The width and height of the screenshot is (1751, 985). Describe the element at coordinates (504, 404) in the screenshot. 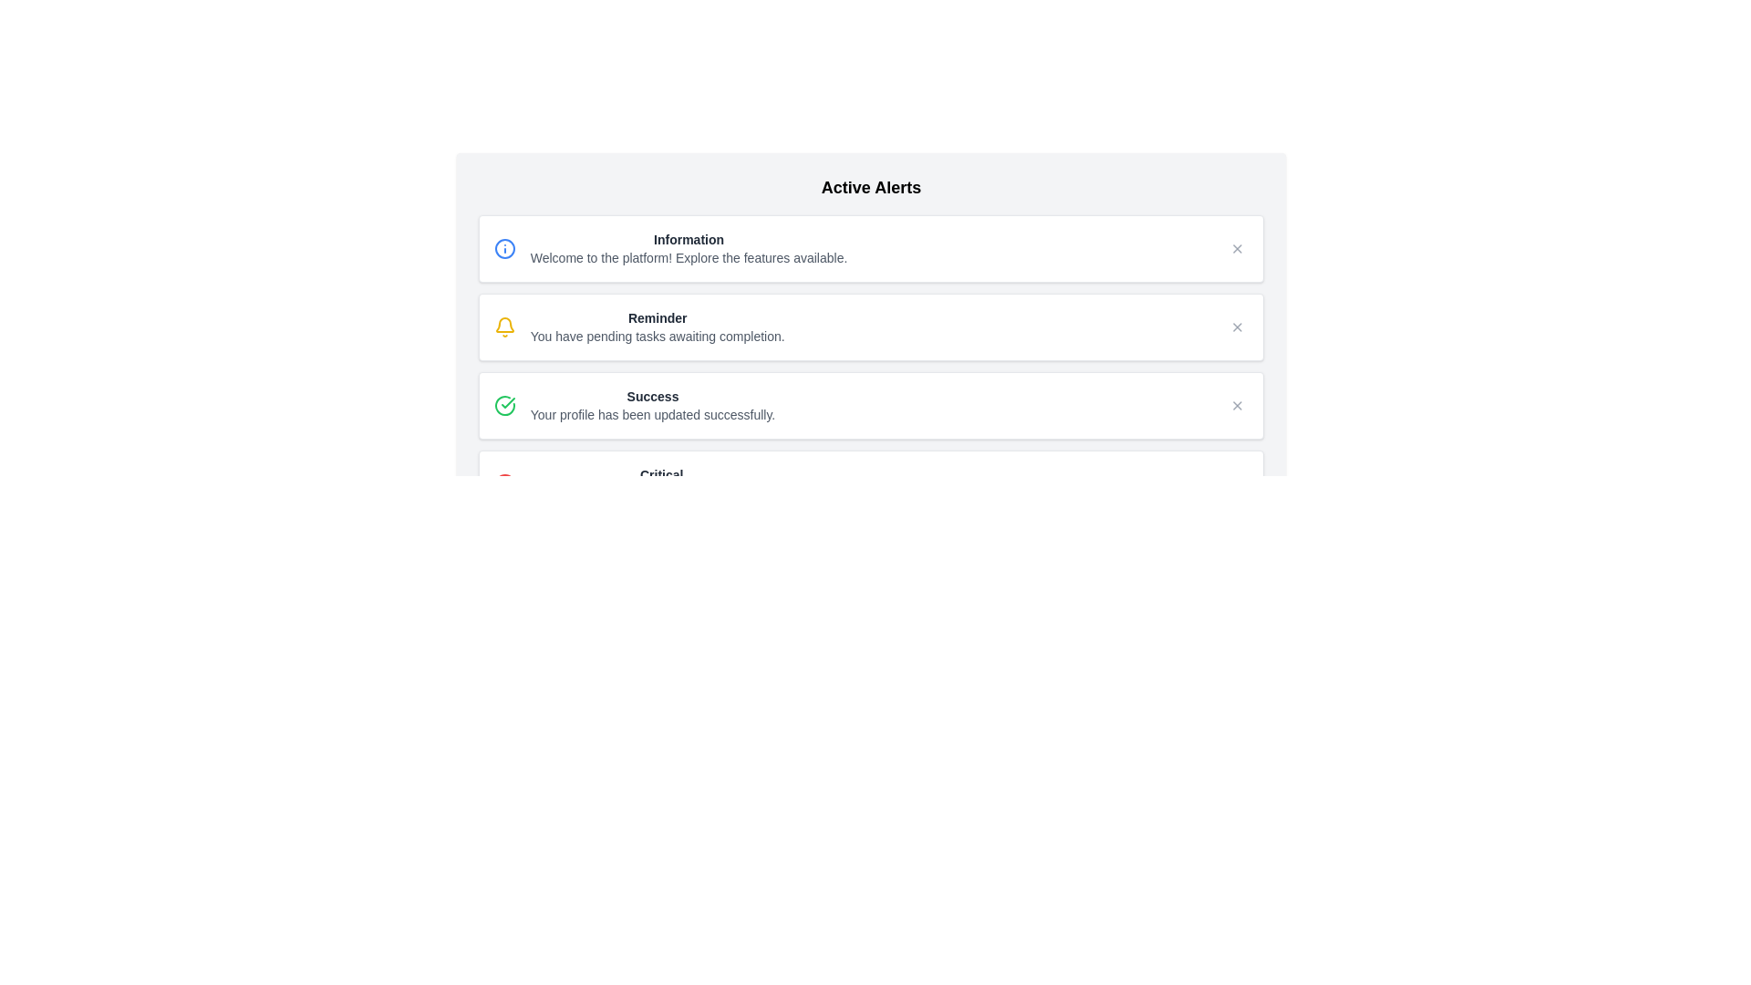

I see `the green circular icon with a checkmark, which represents a confirmation notification in the third alert message titled 'Success'` at that location.